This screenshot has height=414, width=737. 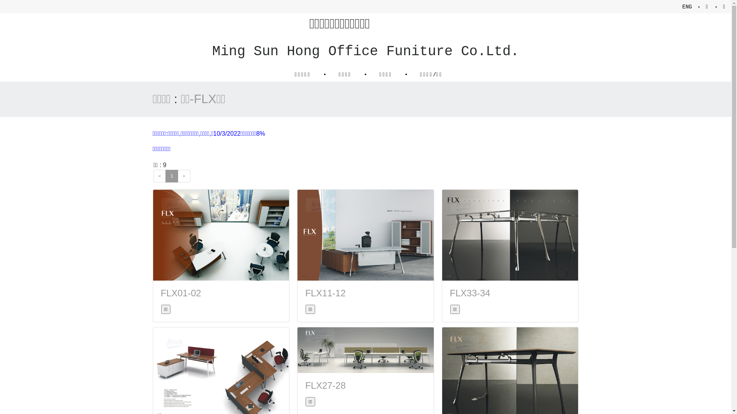 I want to click on '1', so click(x=171, y=176).